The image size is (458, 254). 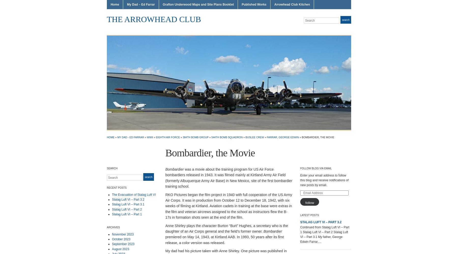 What do you see at coordinates (128, 200) in the screenshot?
I see `'Stalag Luft VI – Part 3.2'` at bounding box center [128, 200].